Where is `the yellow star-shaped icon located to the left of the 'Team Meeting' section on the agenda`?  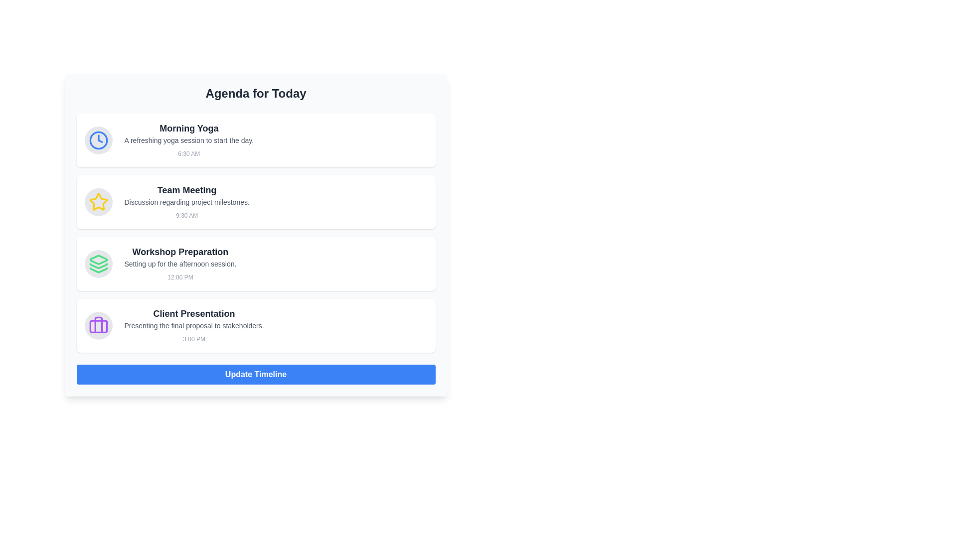 the yellow star-shaped icon located to the left of the 'Team Meeting' section on the agenda is located at coordinates (98, 202).